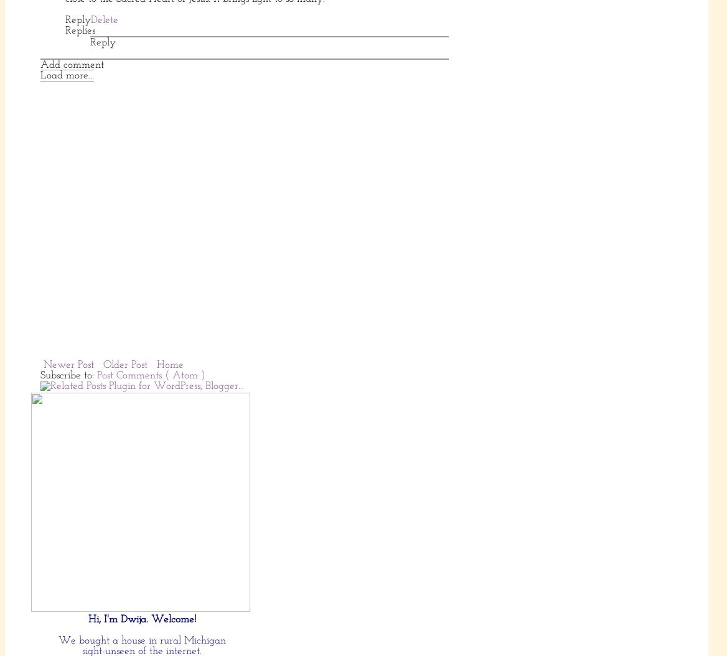 The height and width of the screenshot is (656, 727). What do you see at coordinates (150, 374) in the screenshot?
I see `'Post Comments
                                      (
                                      Atom
                                      )'` at bounding box center [150, 374].